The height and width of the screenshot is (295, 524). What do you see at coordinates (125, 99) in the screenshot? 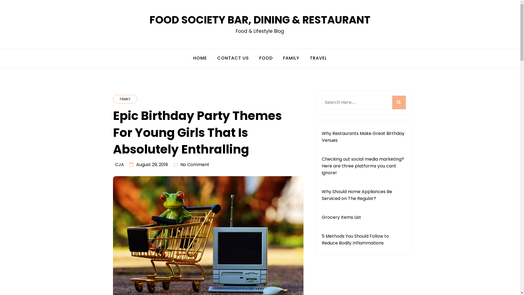
I see `'FAMILY'` at bounding box center [125, 99].